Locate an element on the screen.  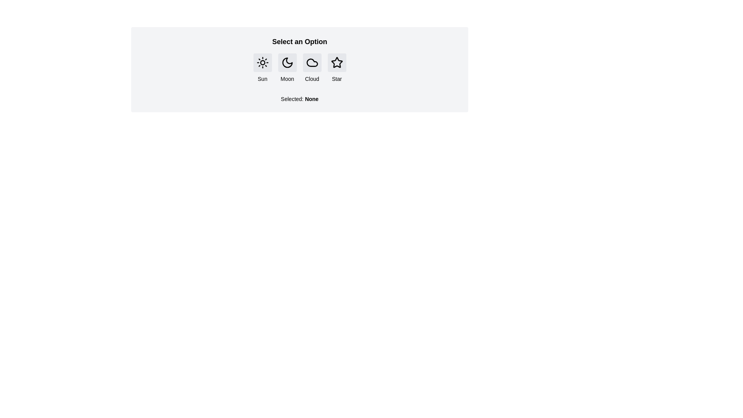
the square-shaped button with a light gray background and a black outlined star icon is located at coordinates (337, 62).